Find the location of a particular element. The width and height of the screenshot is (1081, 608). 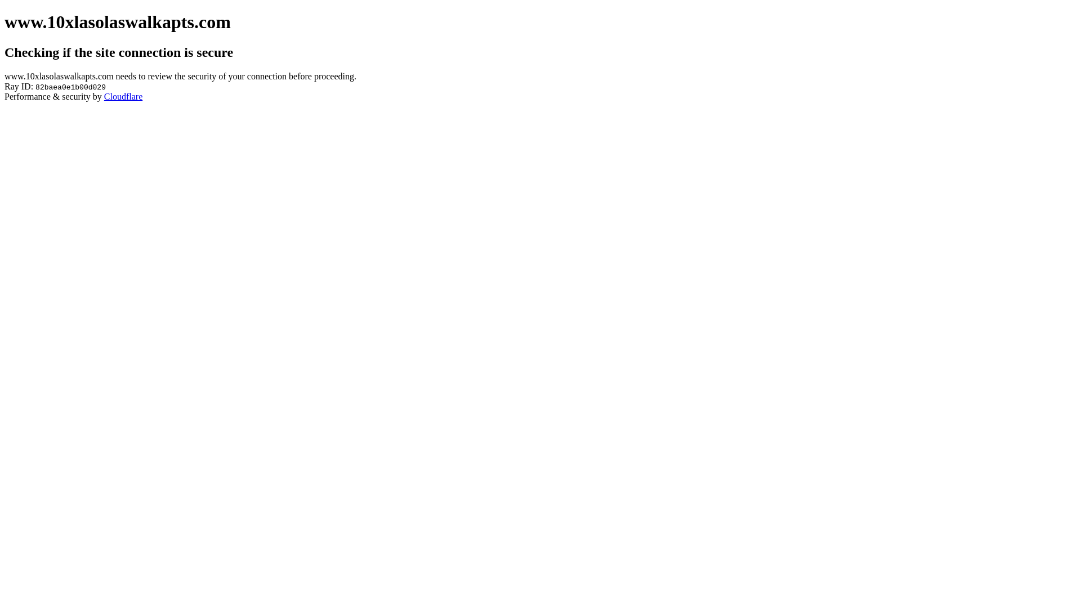

'Cloudflare' is located at coordinates (123, 96).